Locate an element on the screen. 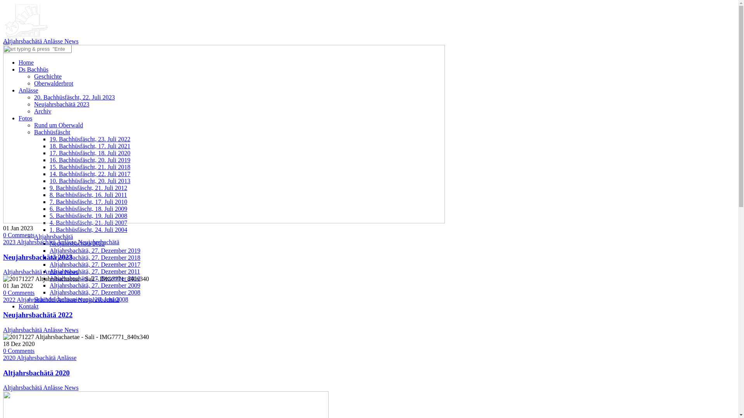 Image resolution: width=744 pixels, height=418 pixels. 'News' is located at coordinates (64, 387).